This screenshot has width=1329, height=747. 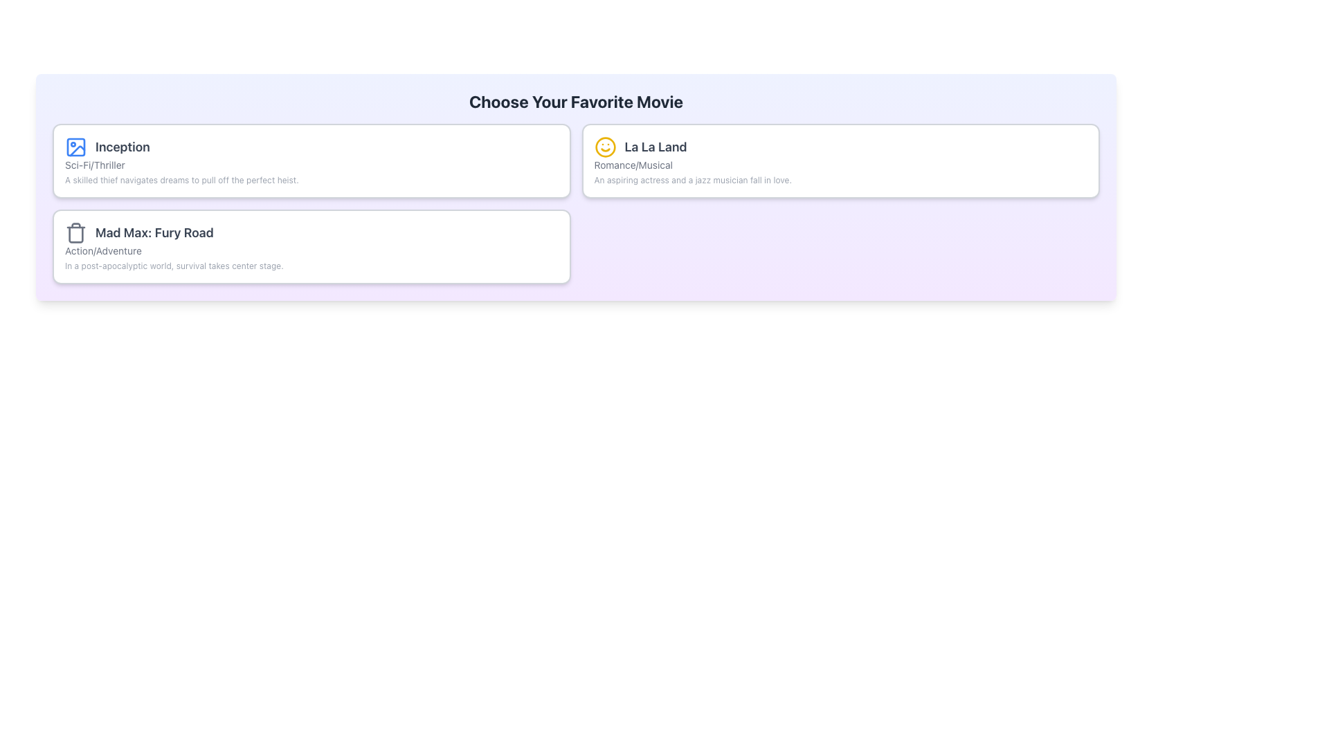 What do you see at coordinates (102, 250) in the screenshot?
I see `text label indicating the genre of the movie located directly beneath the title 'Mad Max: Fury Road' in the third card` at bounding box center [102, 250].